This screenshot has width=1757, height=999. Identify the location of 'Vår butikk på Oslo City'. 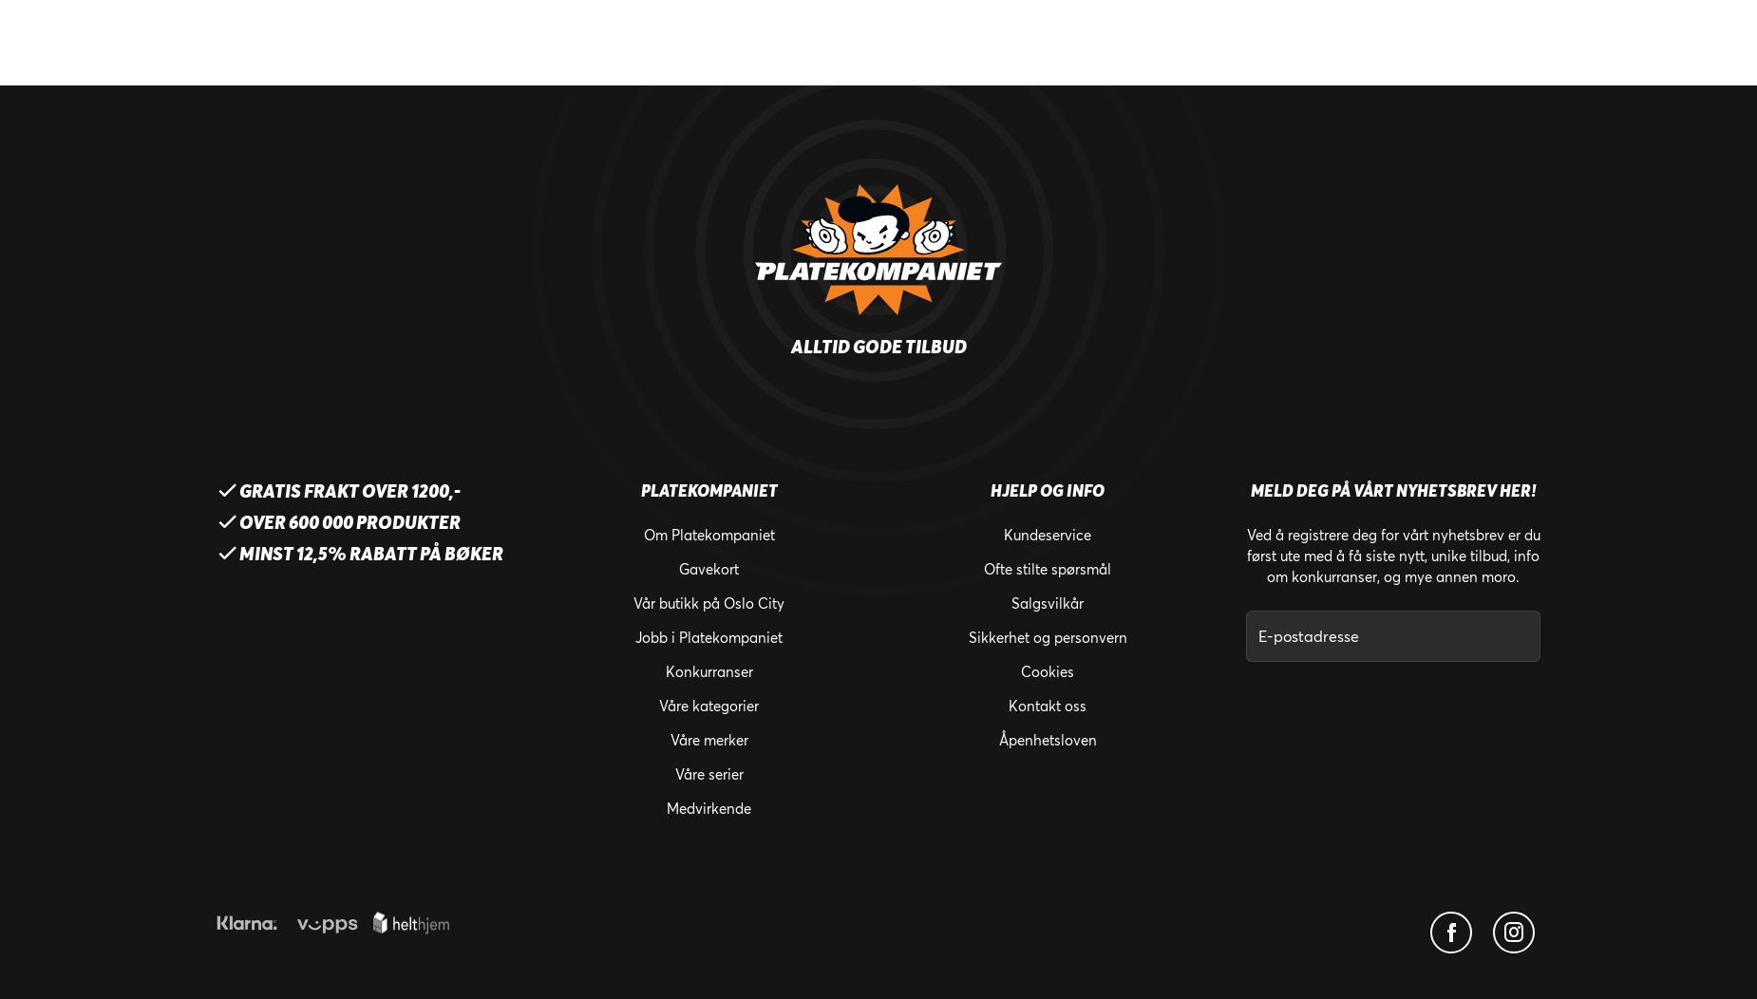
(708, 603).